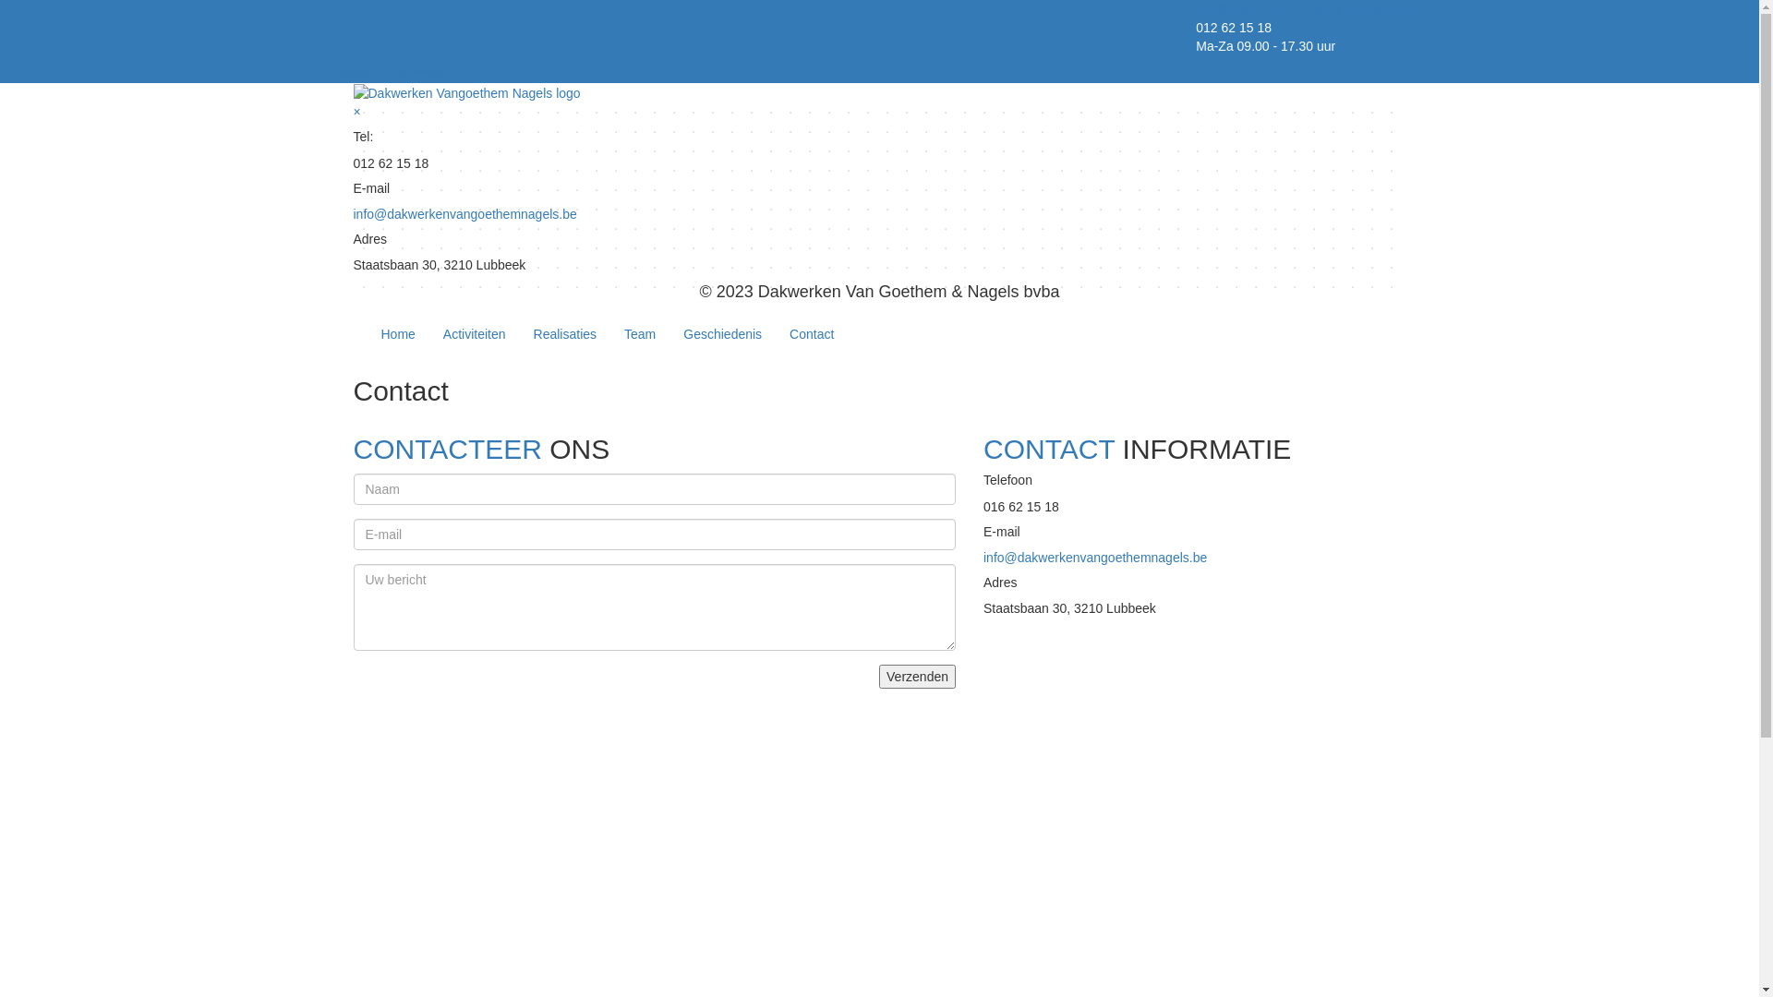  I want to click on 'Geschiedenis', so click(721, 334).